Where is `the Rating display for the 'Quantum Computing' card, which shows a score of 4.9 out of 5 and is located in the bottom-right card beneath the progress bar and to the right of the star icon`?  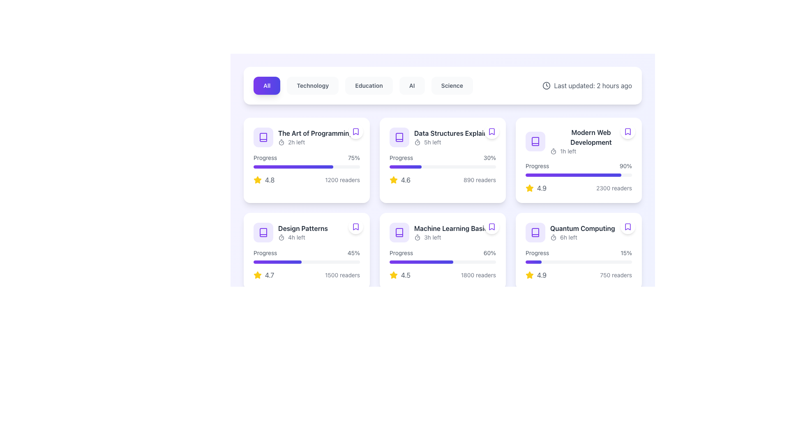
the Rating display for the 'Quantum Computing' card, which shows a score of 4.9 out of 5 and is located in the bottom-right card beneath the progress bar and to the right of the star icon is located at coordinates (536, 275).